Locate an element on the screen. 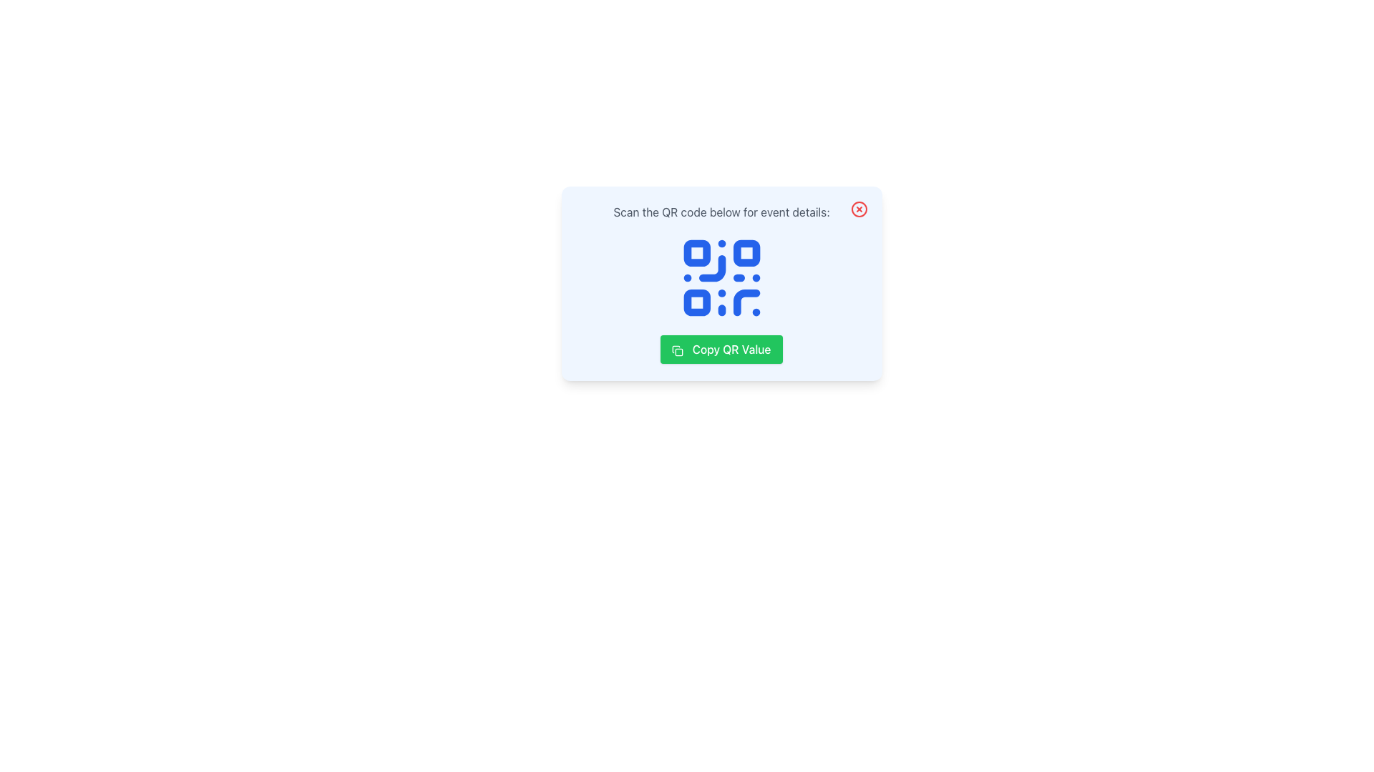 The width and height of the screenshot is (1374, 772). the small document icon located inside the 'Copy QR Value' button, positioned to the left of the text within the button is located at coordinates (677, 350).